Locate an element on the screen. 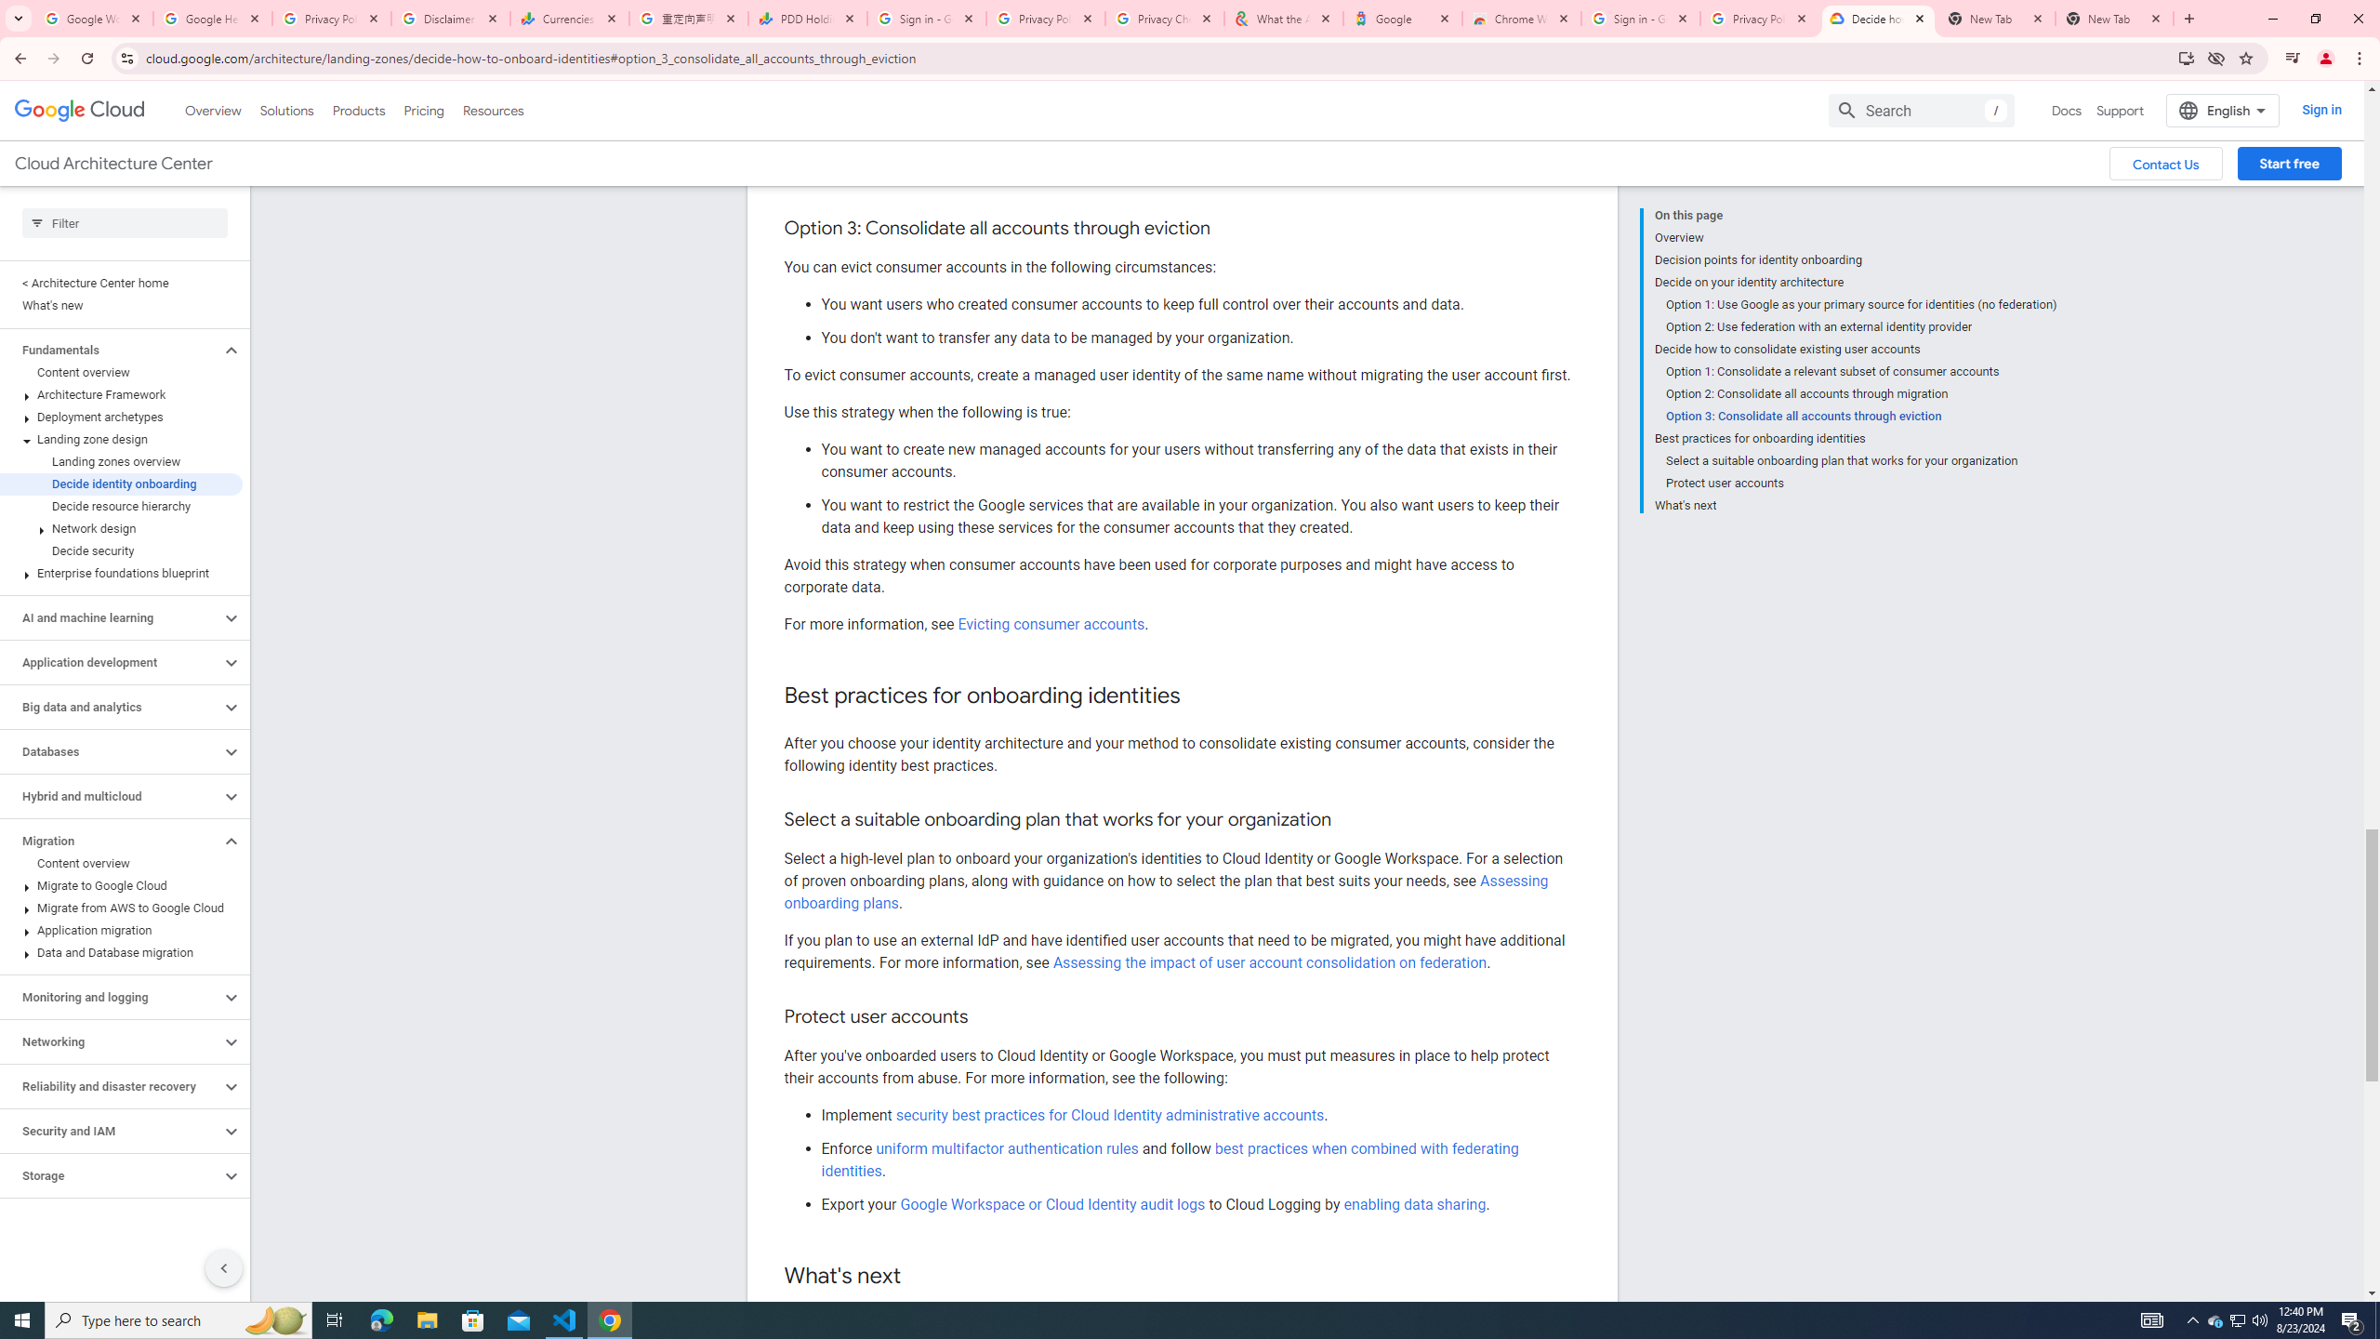 The width and height of the screenshot is (2380, 1339). 'Cloud Architecture Center' is located at coordinates (112, 164).